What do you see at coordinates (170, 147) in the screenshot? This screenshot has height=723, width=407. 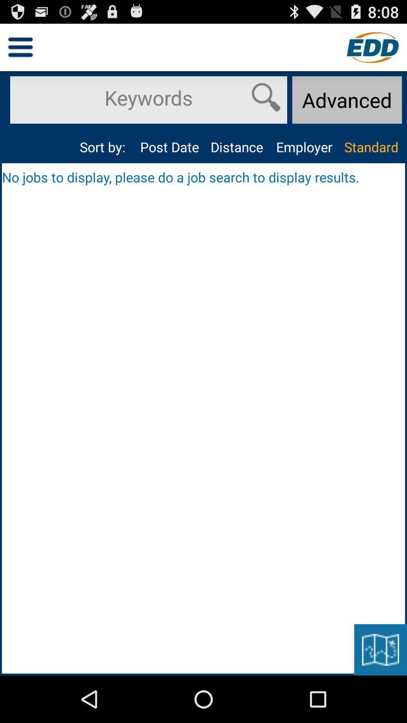 I see `post date item` at bounding box center [170, 147].